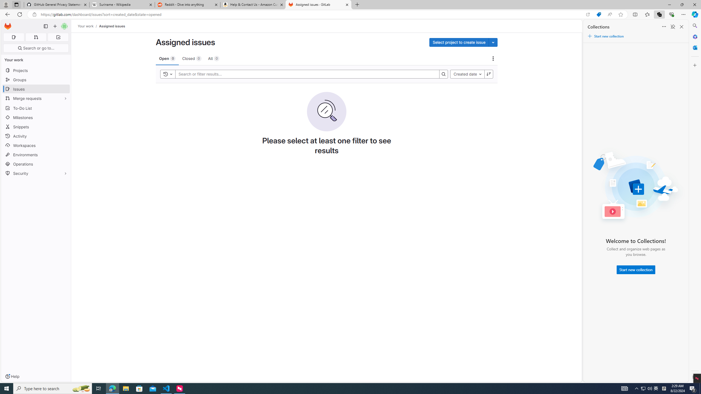 The height and width of the screenshot is (394, 701). I want to click on 'Help & Contact Us - Amazon Customer Service', so click(253, 4).